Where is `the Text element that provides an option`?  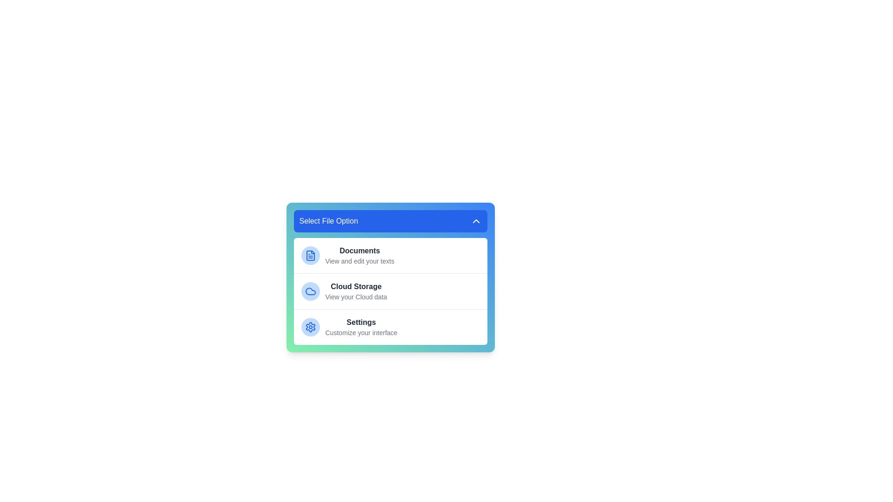
the Text element that provides an option is located at coordinates (360, 327).